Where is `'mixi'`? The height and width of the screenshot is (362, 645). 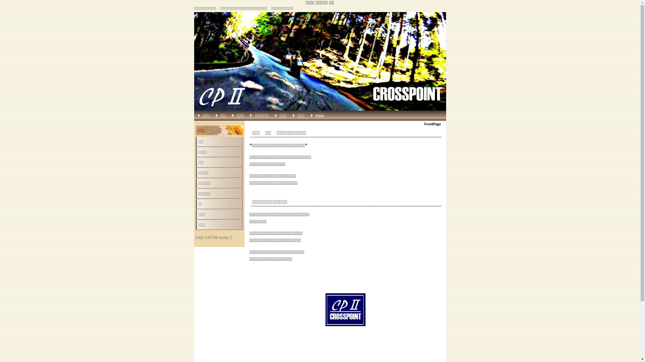
'mixi' is located at coordinates (325, 115).